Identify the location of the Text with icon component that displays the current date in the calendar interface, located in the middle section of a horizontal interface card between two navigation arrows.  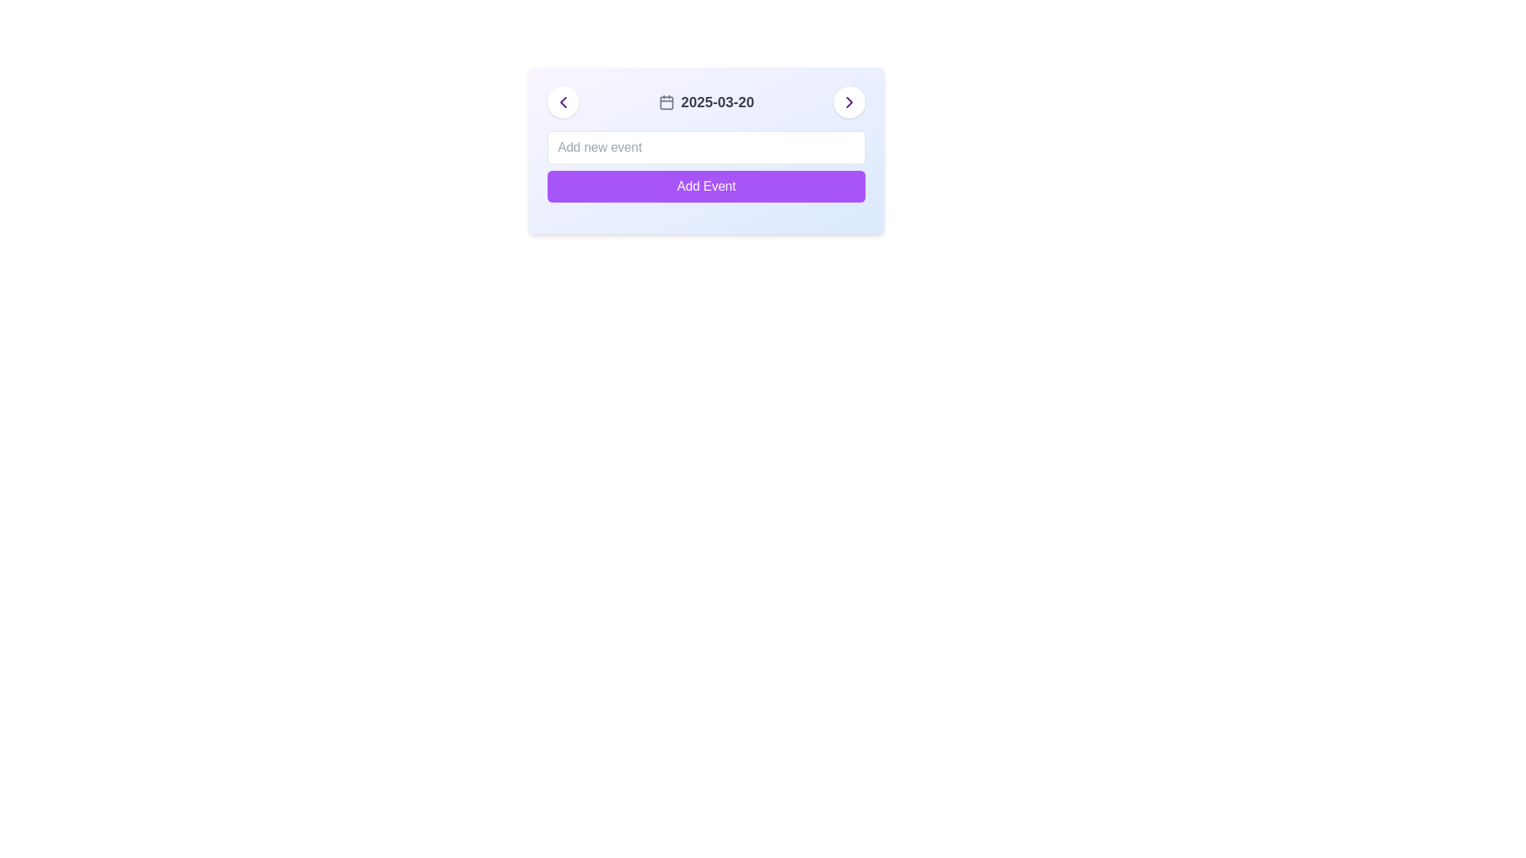
(705, 102).